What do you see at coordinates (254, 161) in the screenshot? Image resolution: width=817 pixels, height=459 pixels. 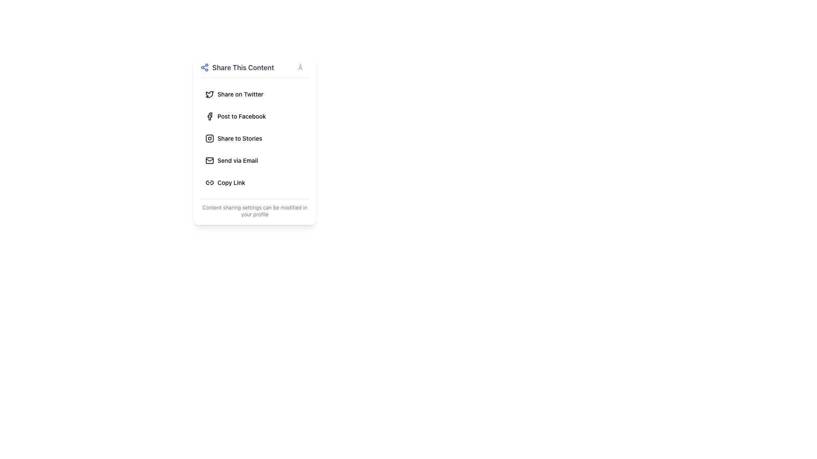 I see `keyboard navigation` at bounding box center [254, 161].